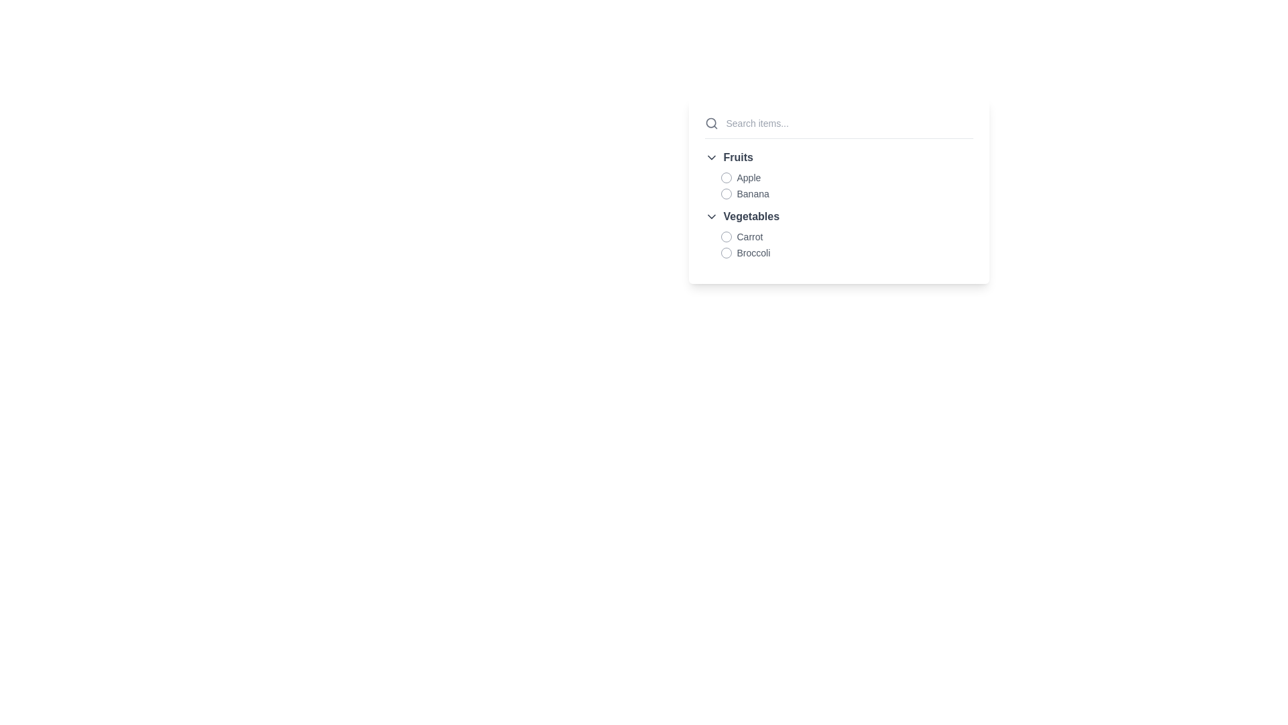  What do you see at coordinates (751, 216) in the screenshot?
I see `the Text label that serves as a category heading for the related items in the menu, positioned to the right of a dropdown icon and above 'Carrot' and 'Broccoli'` at bounding box center [751, 216].